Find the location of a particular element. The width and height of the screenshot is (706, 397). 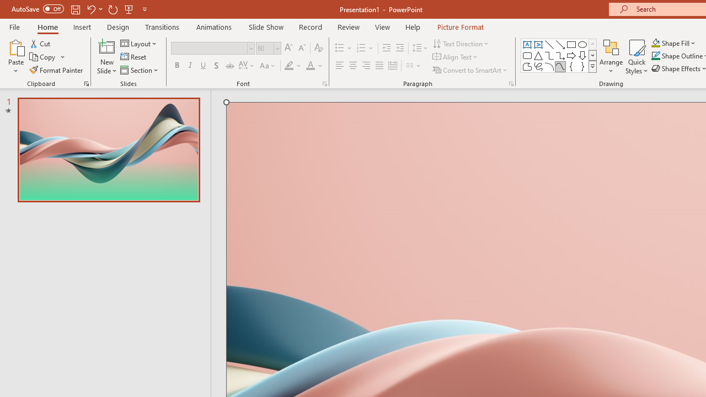

'Picture Format' is located at coordinates (461, 26).